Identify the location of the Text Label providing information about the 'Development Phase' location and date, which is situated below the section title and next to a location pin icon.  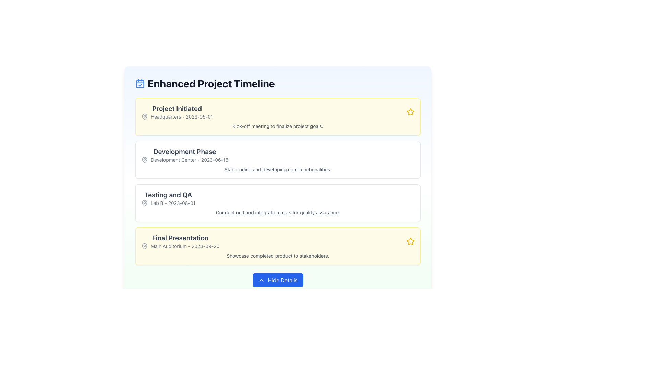
(184, 160).